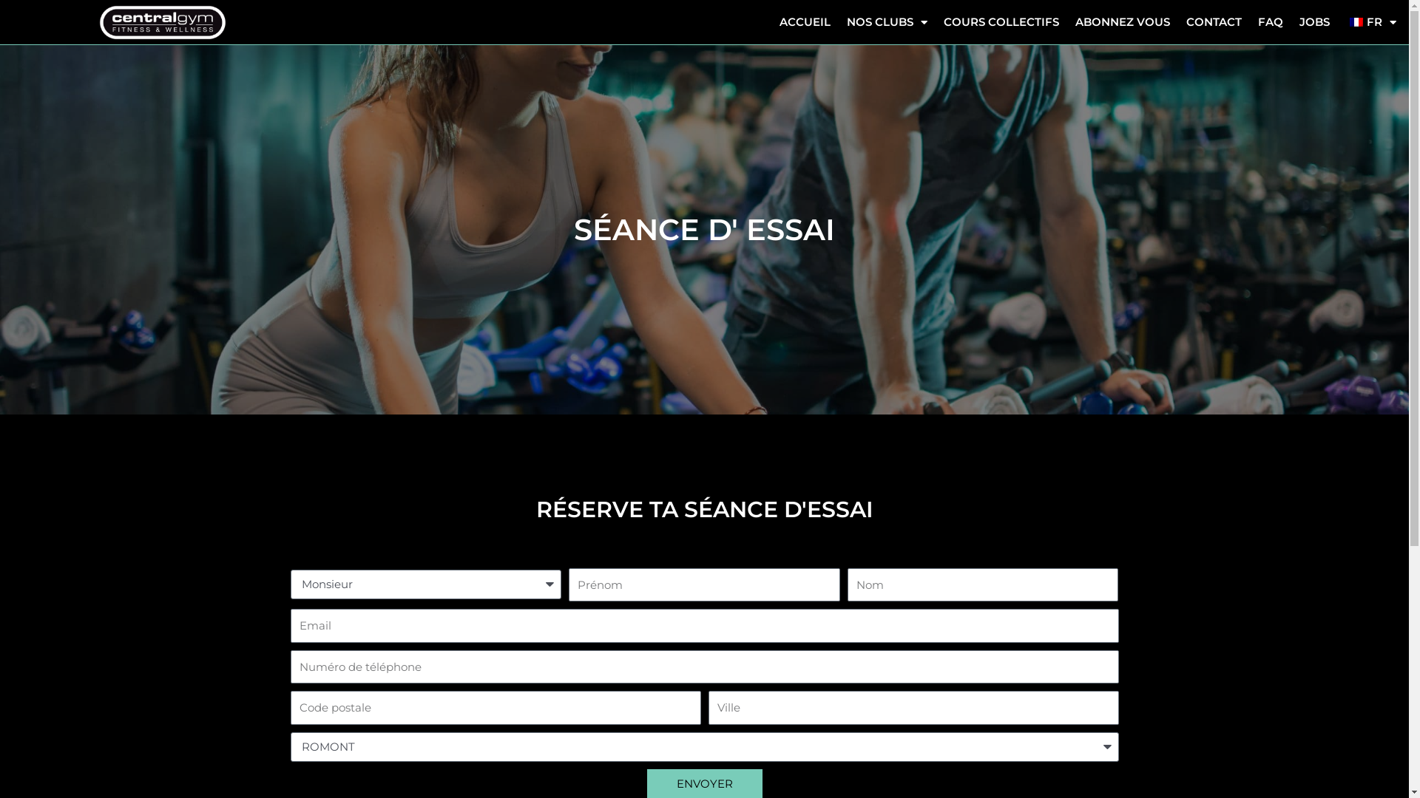 The height and width of the screenshot is (798, 1420). I want to click on 'FR', so click(1370, 22).